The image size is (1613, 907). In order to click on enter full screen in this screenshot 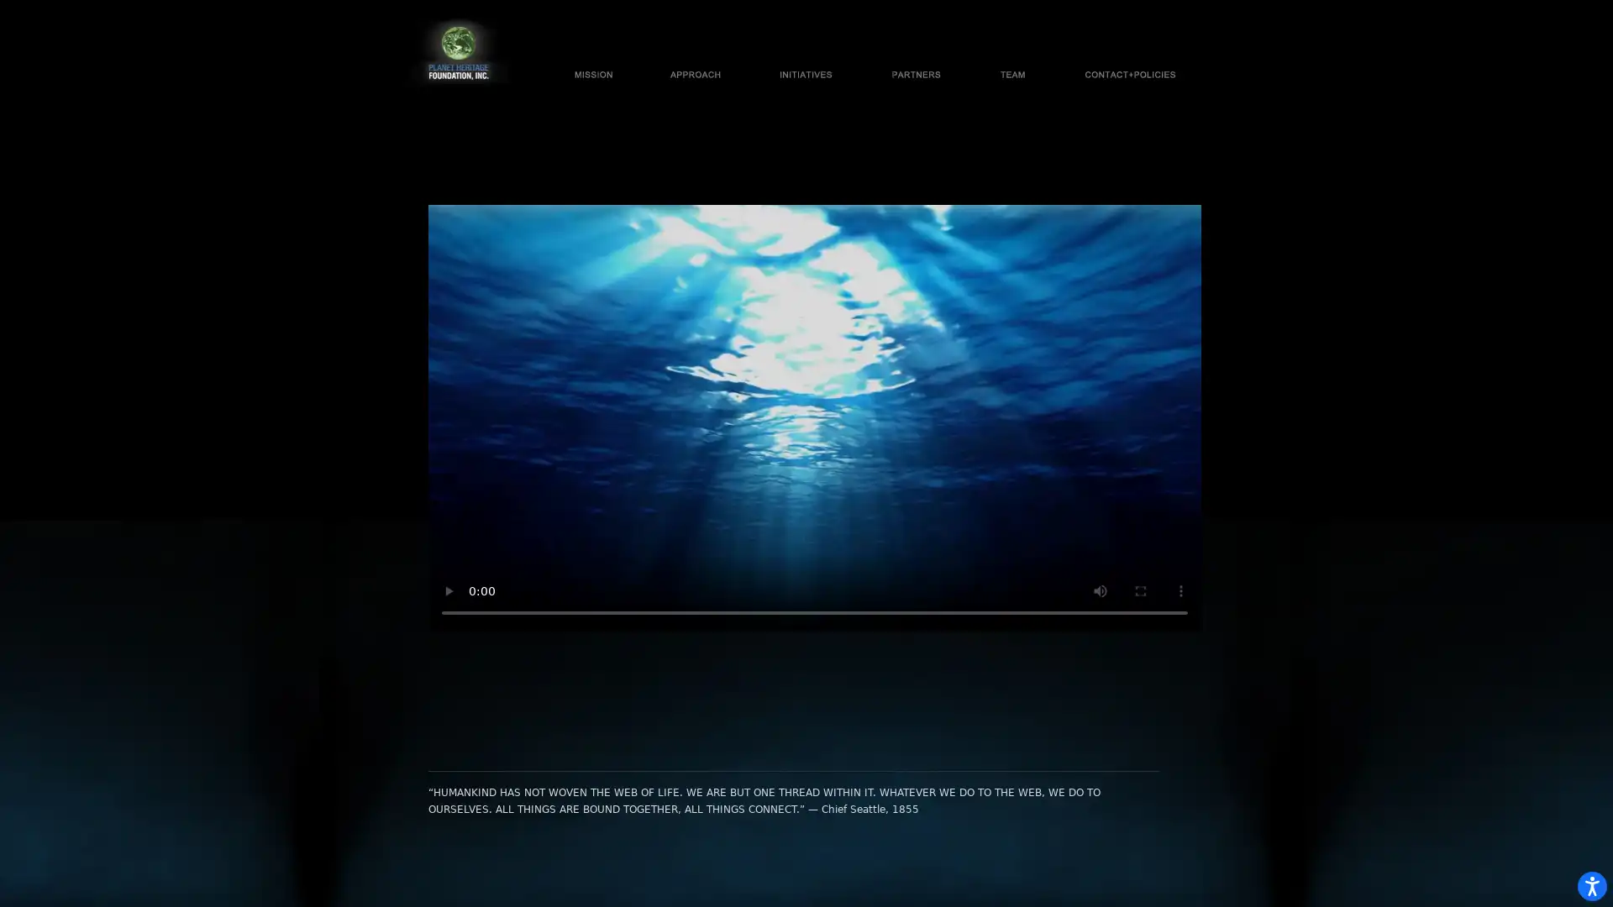, I will do `click(1141, 589)`.